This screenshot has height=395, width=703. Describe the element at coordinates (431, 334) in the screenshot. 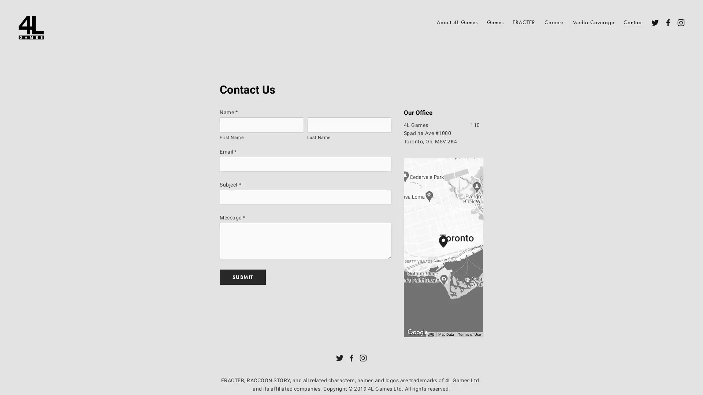

I see `Keyboard shortcuts` at that location.